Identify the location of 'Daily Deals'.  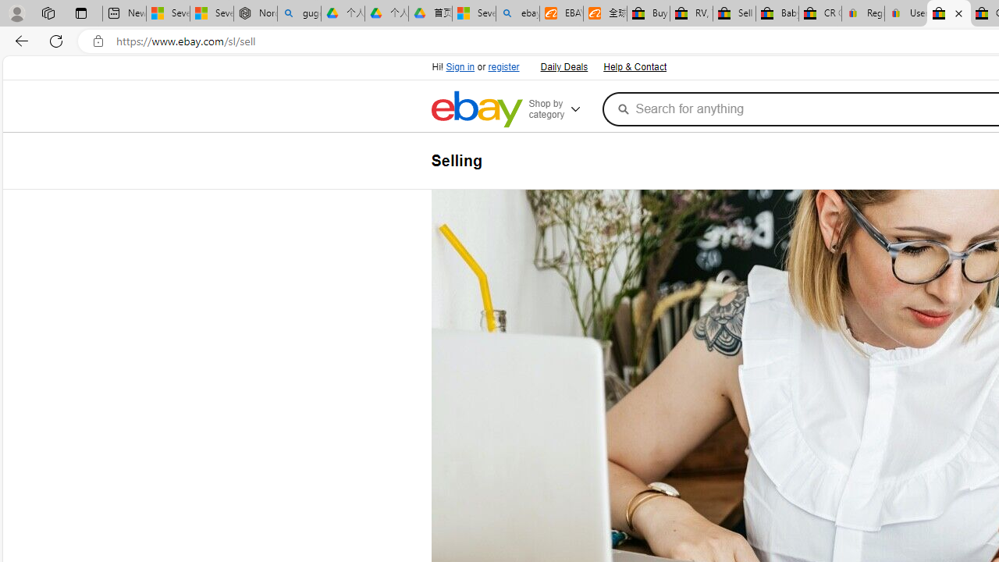
(562, 65).